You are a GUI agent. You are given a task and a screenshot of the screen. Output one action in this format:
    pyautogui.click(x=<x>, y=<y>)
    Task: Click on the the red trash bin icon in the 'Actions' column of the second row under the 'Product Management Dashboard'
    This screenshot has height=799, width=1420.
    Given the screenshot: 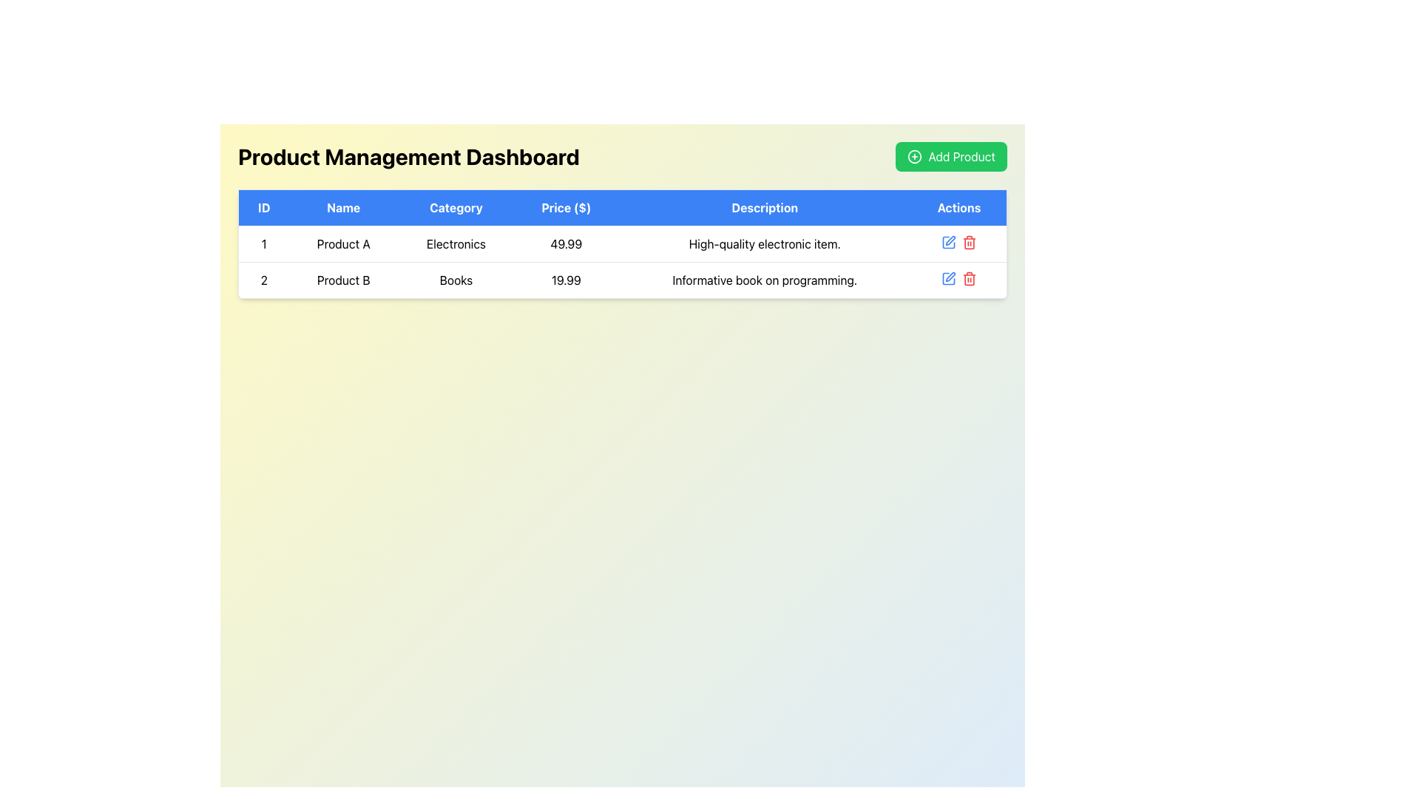 What is the action you would take?
    pyautogui.click(x=969, y=241)
    